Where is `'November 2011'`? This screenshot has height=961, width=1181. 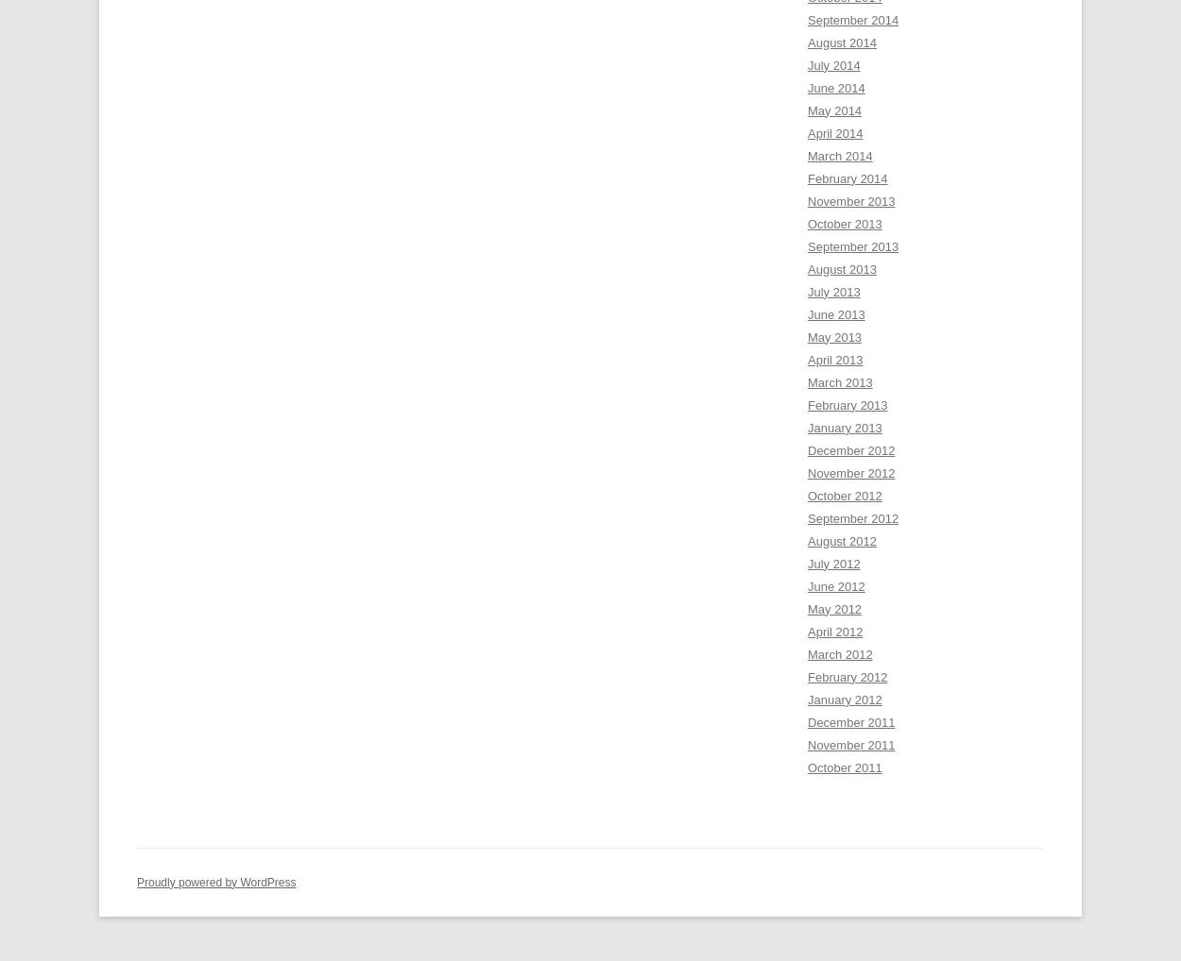
'November 2011' is located at coordinates (851, 744).